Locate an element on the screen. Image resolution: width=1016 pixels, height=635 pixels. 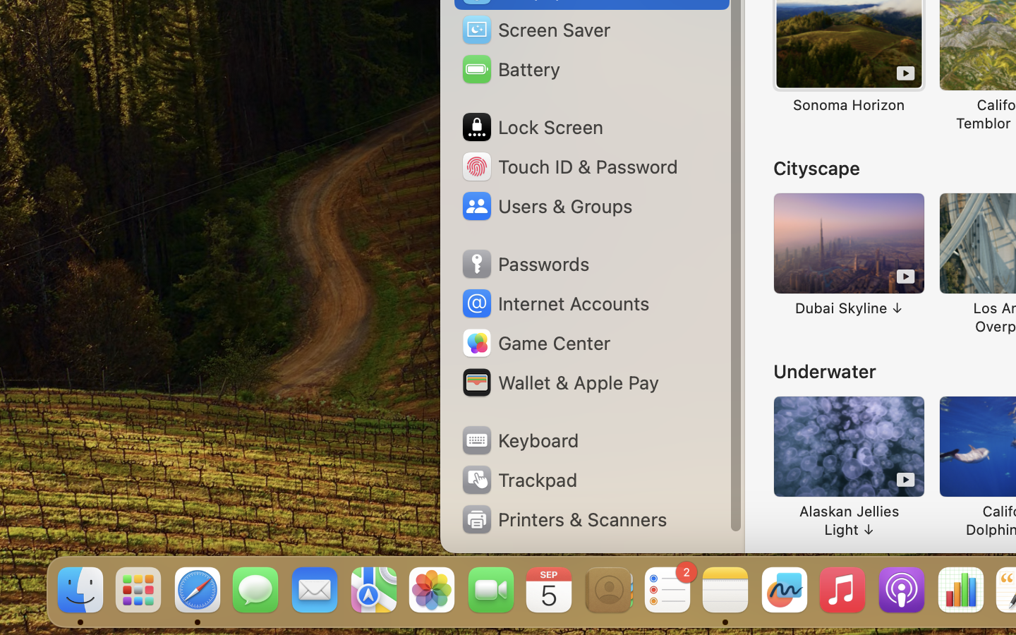
'Battery' is located at coordinates (509, 68).